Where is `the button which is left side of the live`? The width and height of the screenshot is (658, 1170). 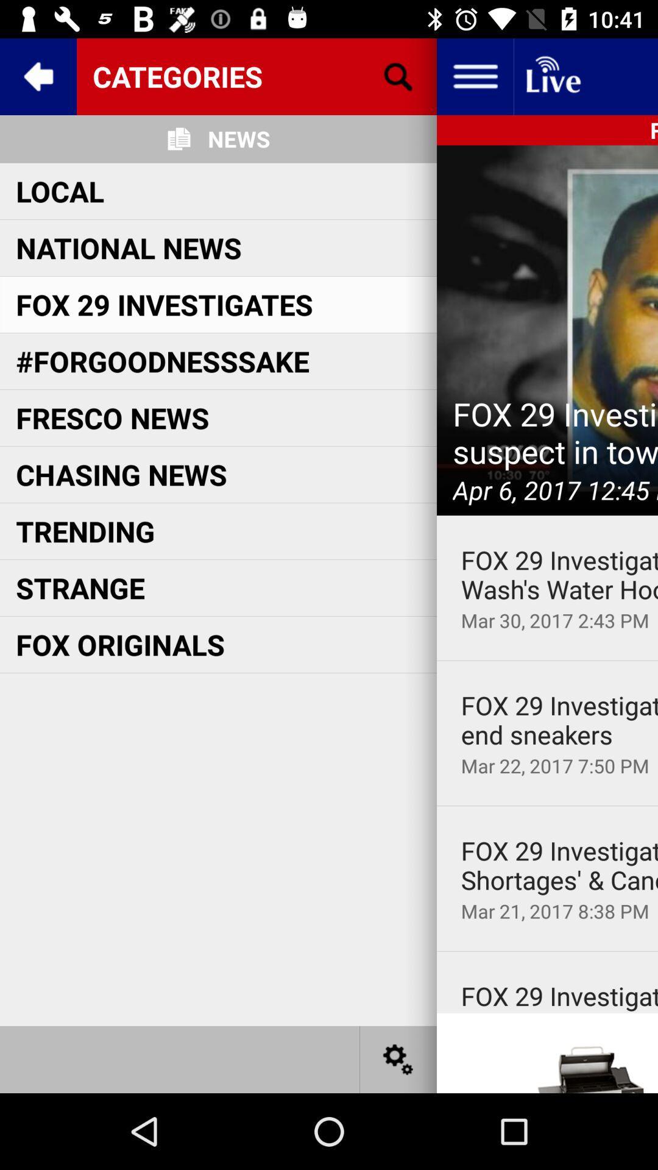 the button which is left side of the live is located at coordinates (474, 76).